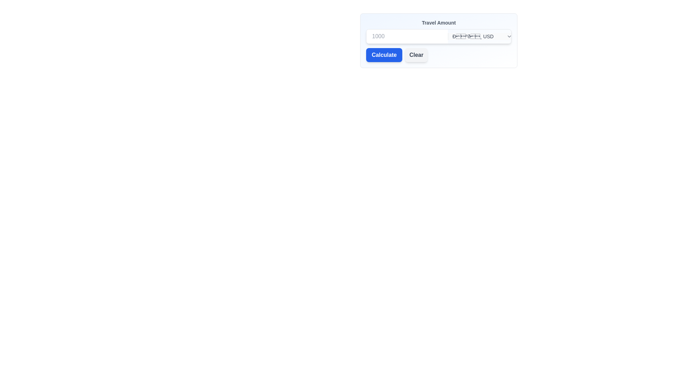  Describe the element at coordinates (407, 36) in the screenshot. I see `the numerical input field that accepts values and displays a placeholder of '1000' to check for any potential UI feedback` at that location.